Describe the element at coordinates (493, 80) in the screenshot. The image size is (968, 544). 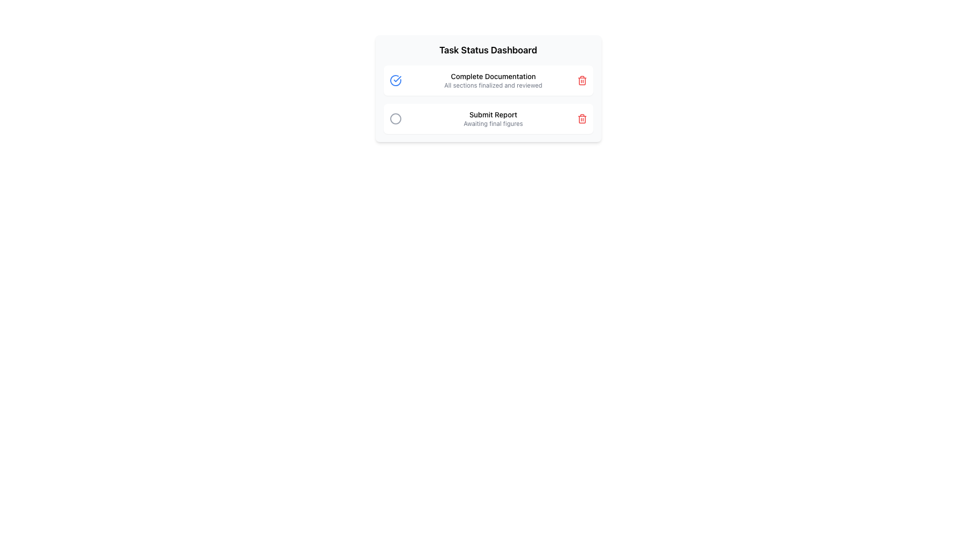
I see `text displayed in the central text block of the first card in the vertical list on the 'Task Status Dashboard' interface` at that location.